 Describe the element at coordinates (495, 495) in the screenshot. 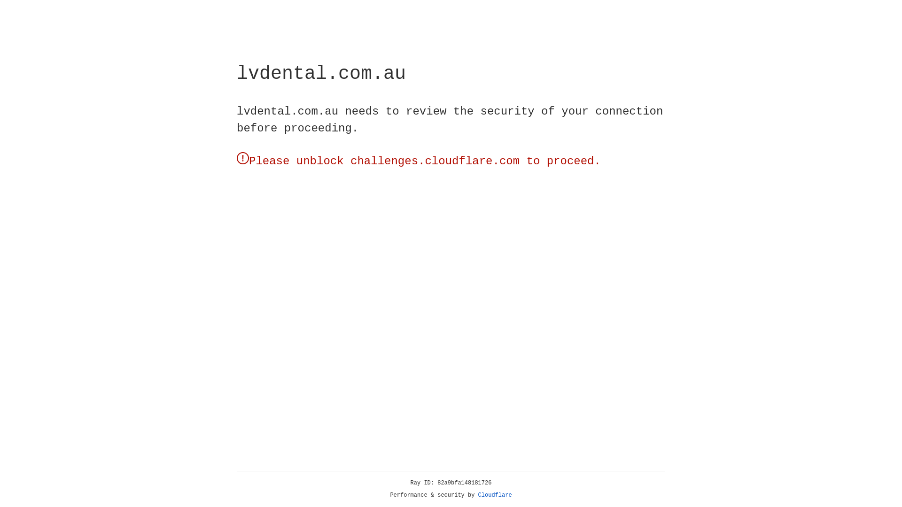

I see `'Cloudflare'` at that location.